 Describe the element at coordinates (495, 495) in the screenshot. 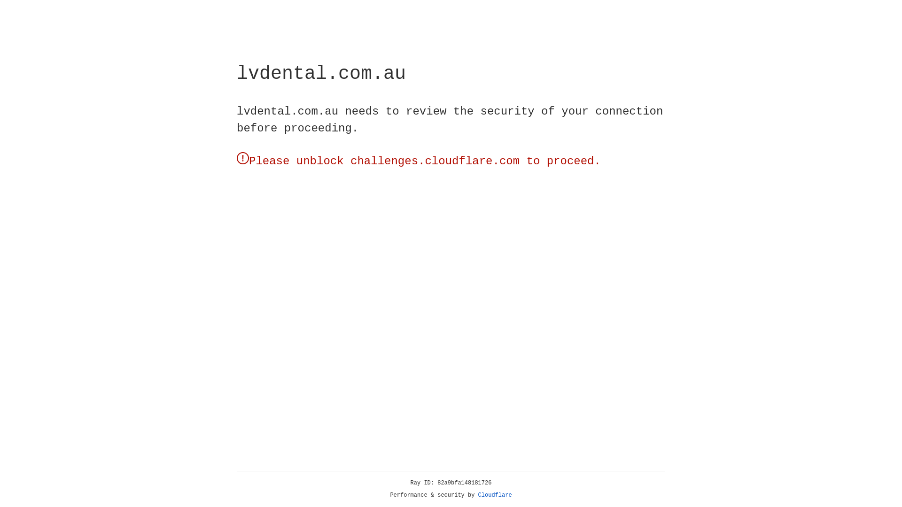

I see `'Cloudflare'` at that location.